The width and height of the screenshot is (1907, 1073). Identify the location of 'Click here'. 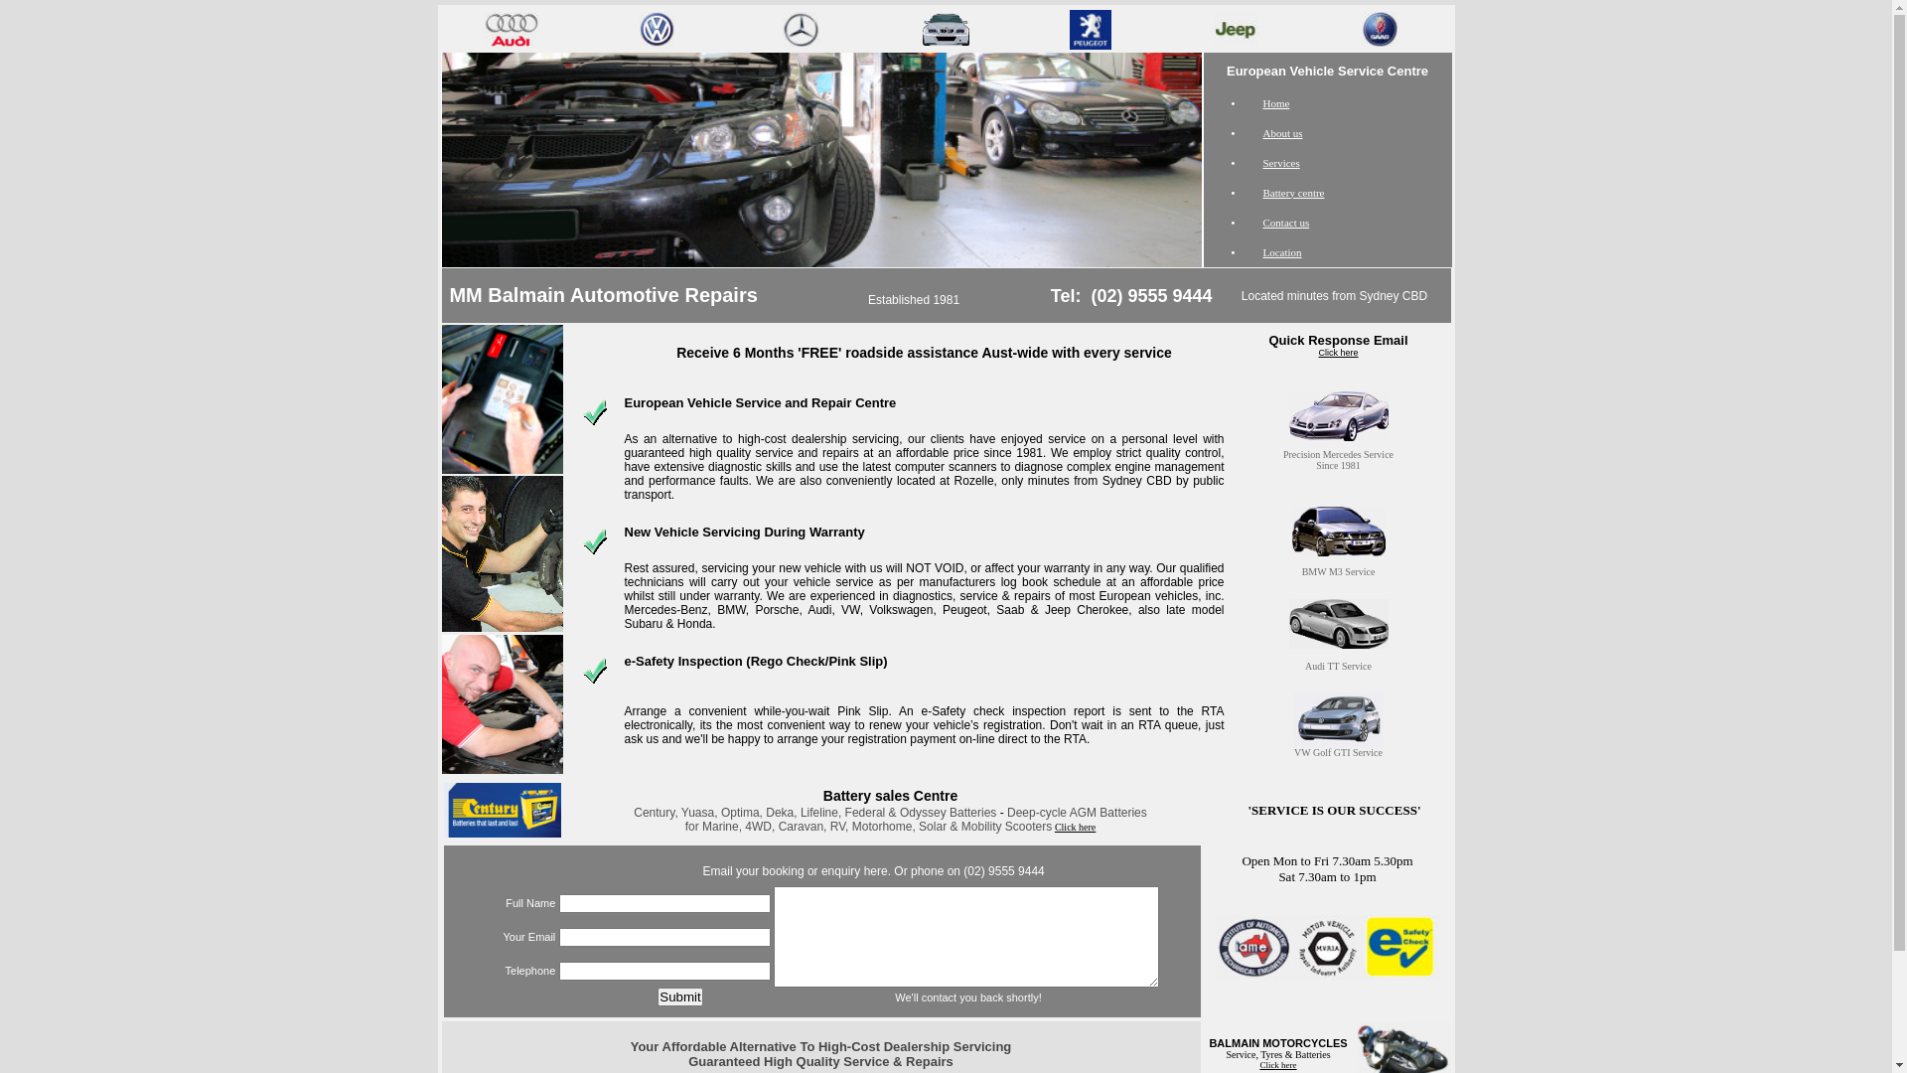
(1317, 351).